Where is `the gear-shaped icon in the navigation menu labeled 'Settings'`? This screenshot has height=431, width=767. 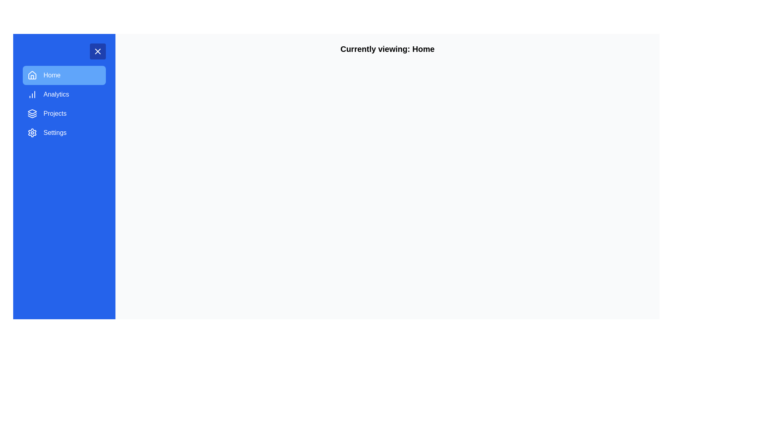 the gear-shaped icon in the navigation menu labeled 'Settings' is located at coordinates (32, 132).